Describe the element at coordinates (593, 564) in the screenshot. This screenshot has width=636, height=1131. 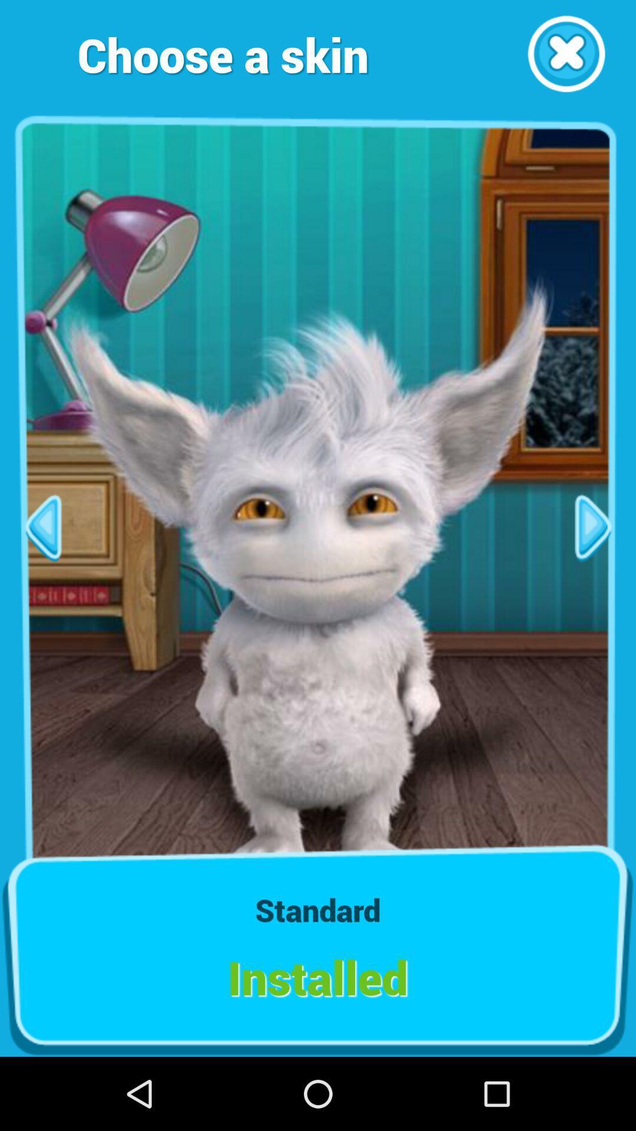
I see `the play icon` at that location.